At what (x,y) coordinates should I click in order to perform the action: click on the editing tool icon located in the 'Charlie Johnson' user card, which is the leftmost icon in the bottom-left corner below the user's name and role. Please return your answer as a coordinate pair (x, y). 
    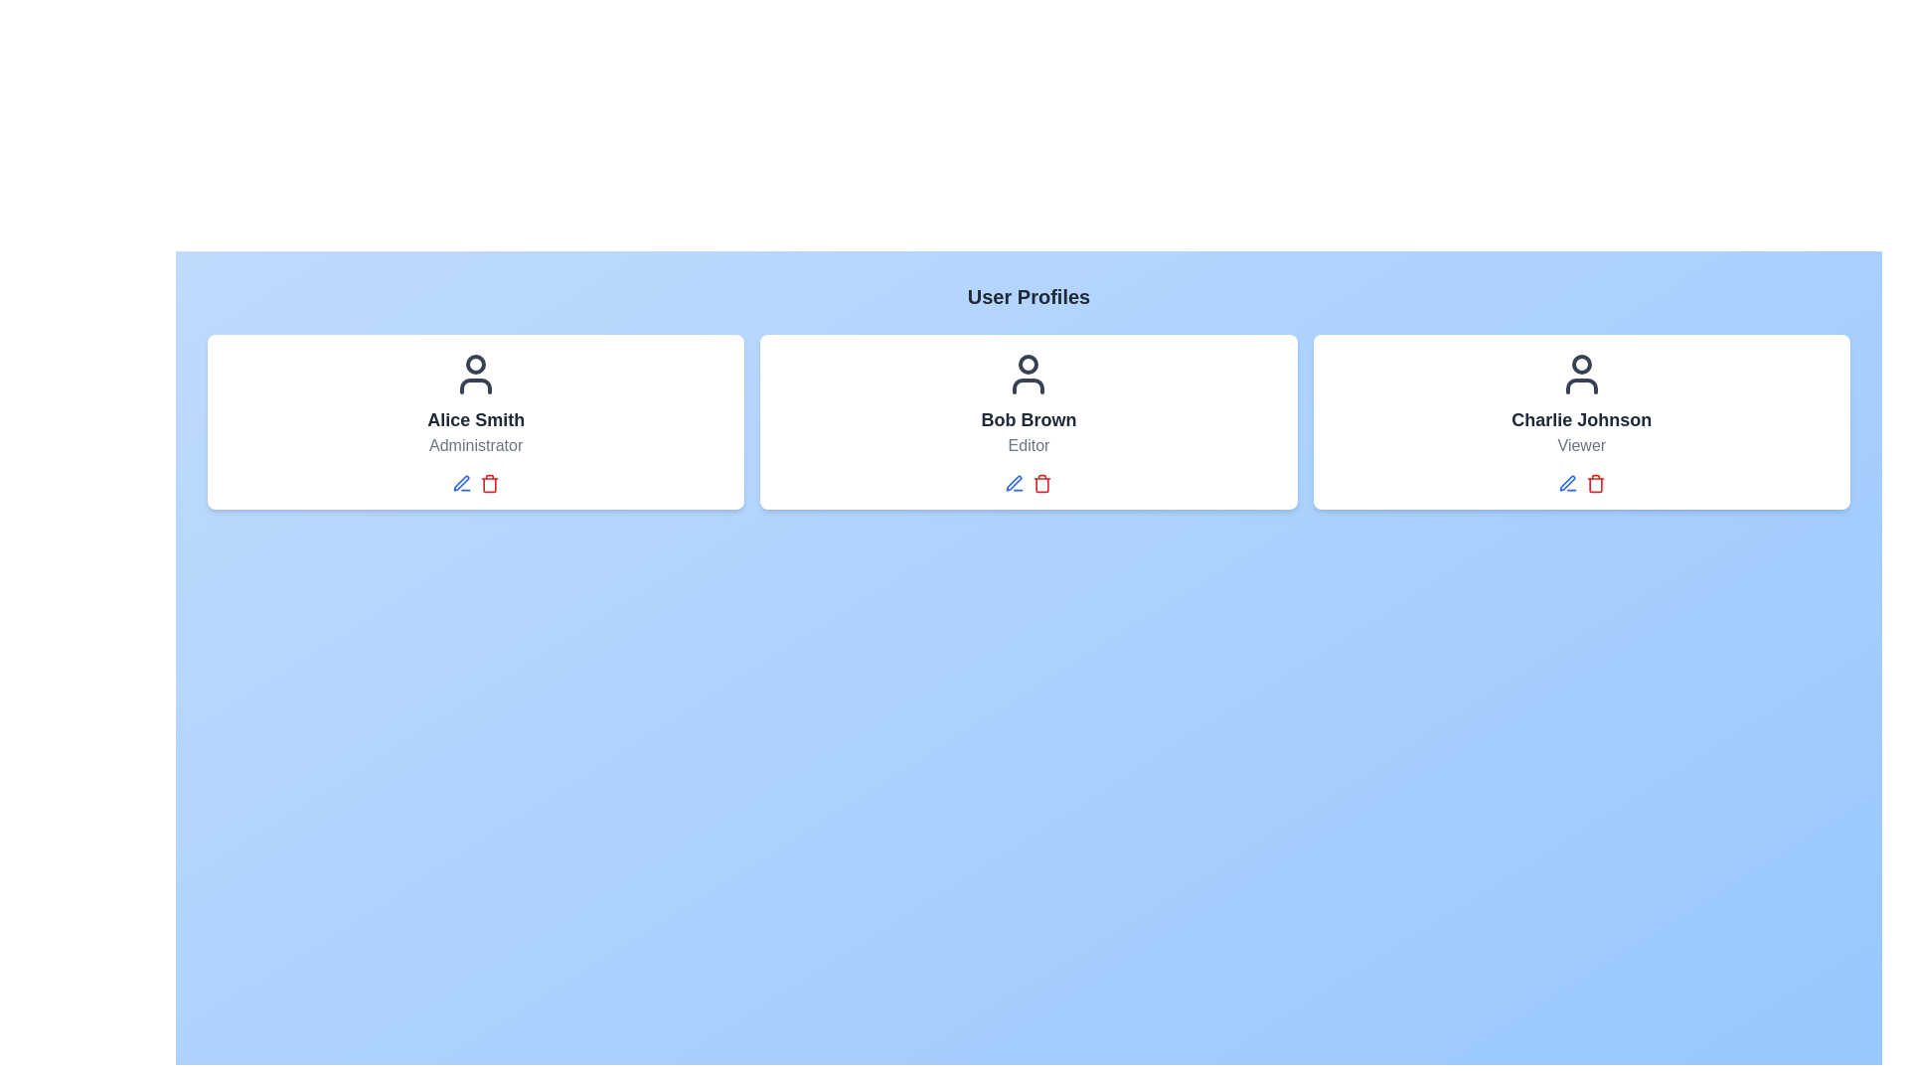
    Looking at the image, I should click on (1566, 483).